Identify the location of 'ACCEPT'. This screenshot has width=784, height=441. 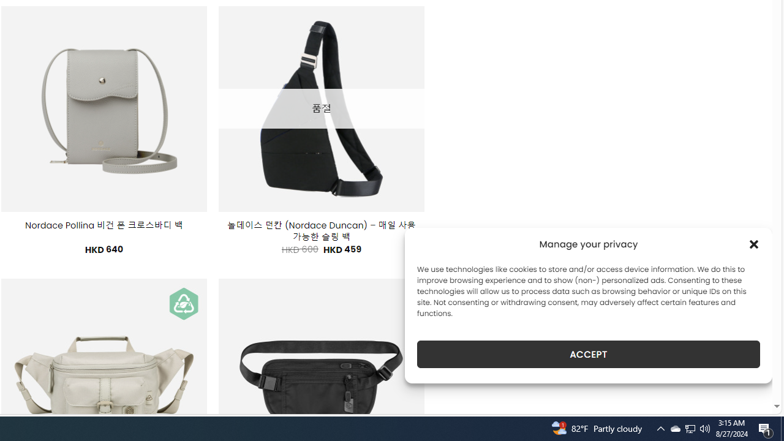
(589, 354).